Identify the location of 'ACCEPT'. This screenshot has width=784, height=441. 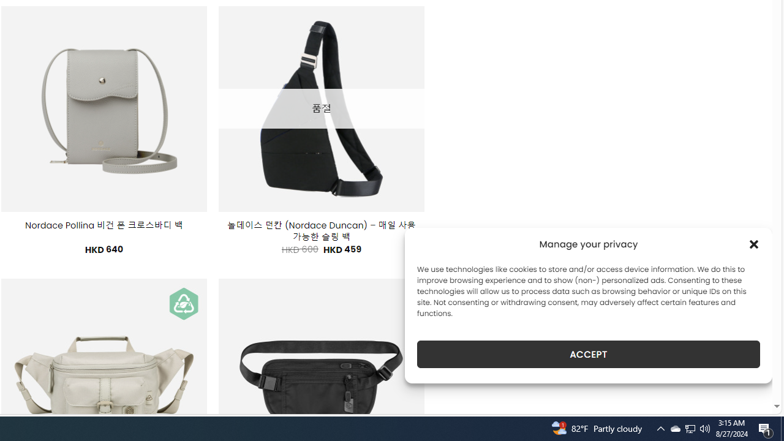
(589, 354).